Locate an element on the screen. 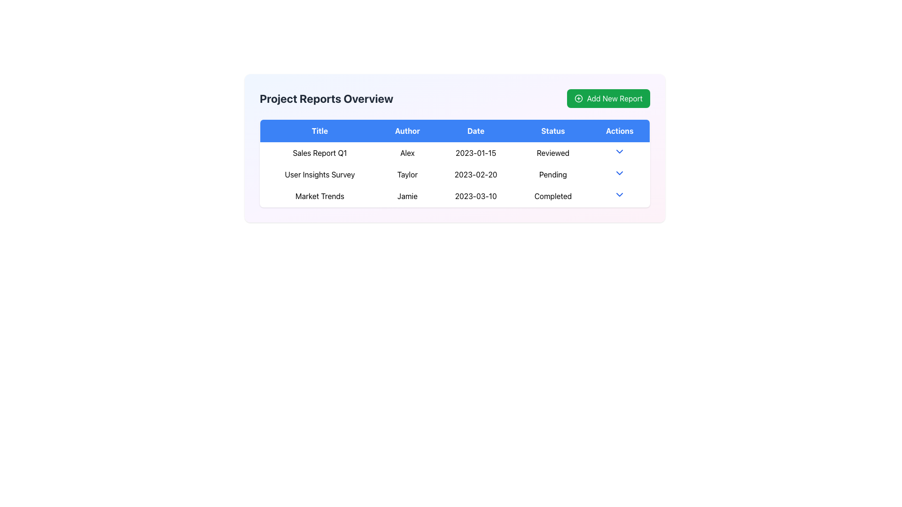 This screenshot has height=507, width=902. the downward arrow icon in the third row under the 'Actions' column of the table is located at coordinates (620, 194).